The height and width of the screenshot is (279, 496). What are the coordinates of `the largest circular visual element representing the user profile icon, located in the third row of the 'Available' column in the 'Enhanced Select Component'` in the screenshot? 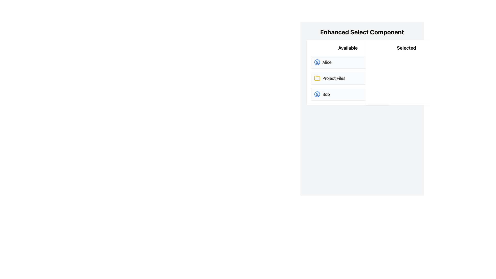 It's located at (317, 62).